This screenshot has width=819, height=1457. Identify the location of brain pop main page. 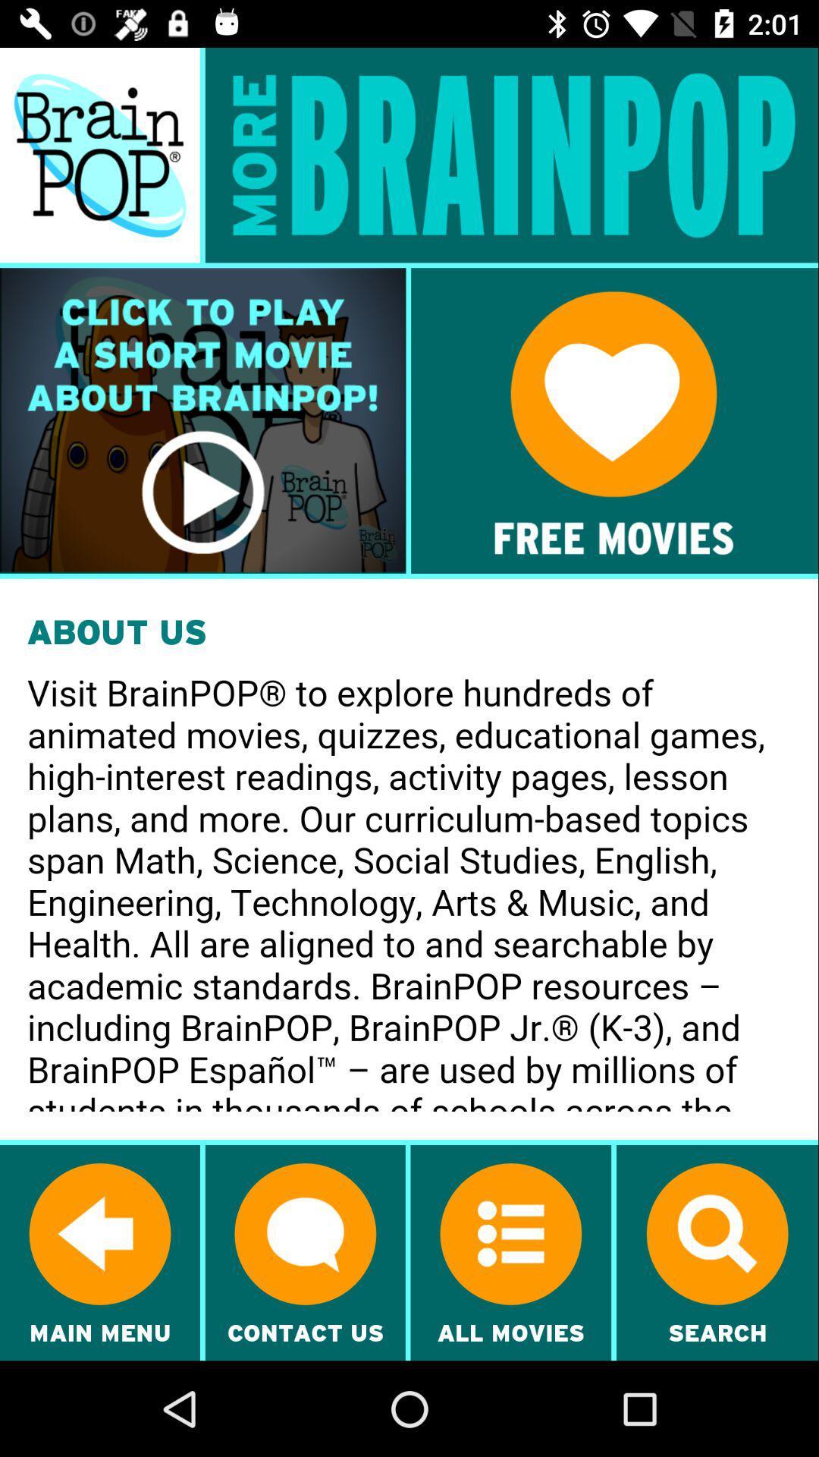
(99, 155).